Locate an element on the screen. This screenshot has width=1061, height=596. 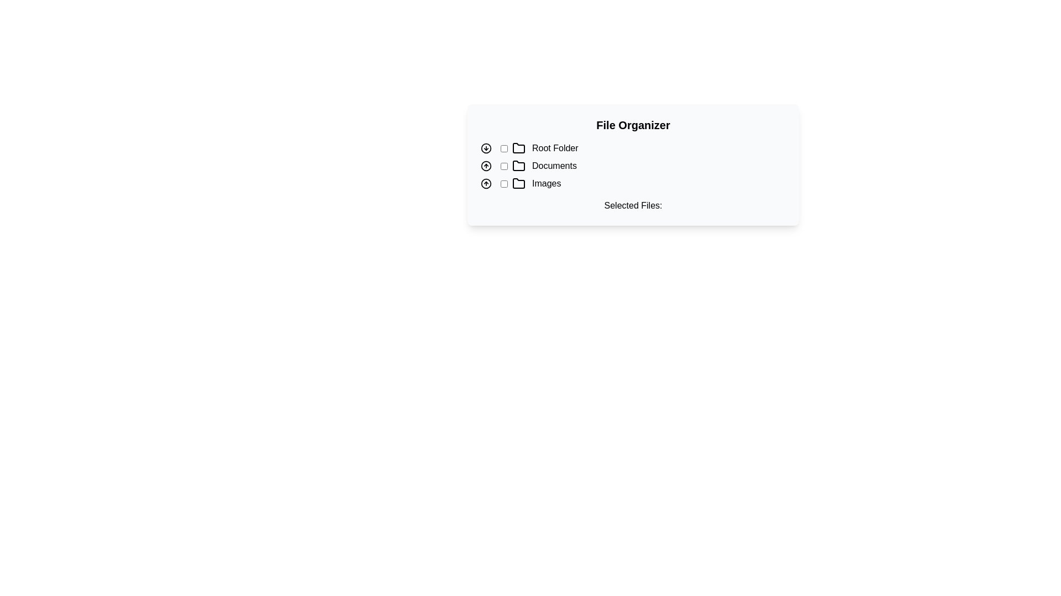
the circular icon with an upward-pointing arrow, which is the first icon in the 'Documents' row of the 'File Organizer' group is located at coordinates (486, 166).